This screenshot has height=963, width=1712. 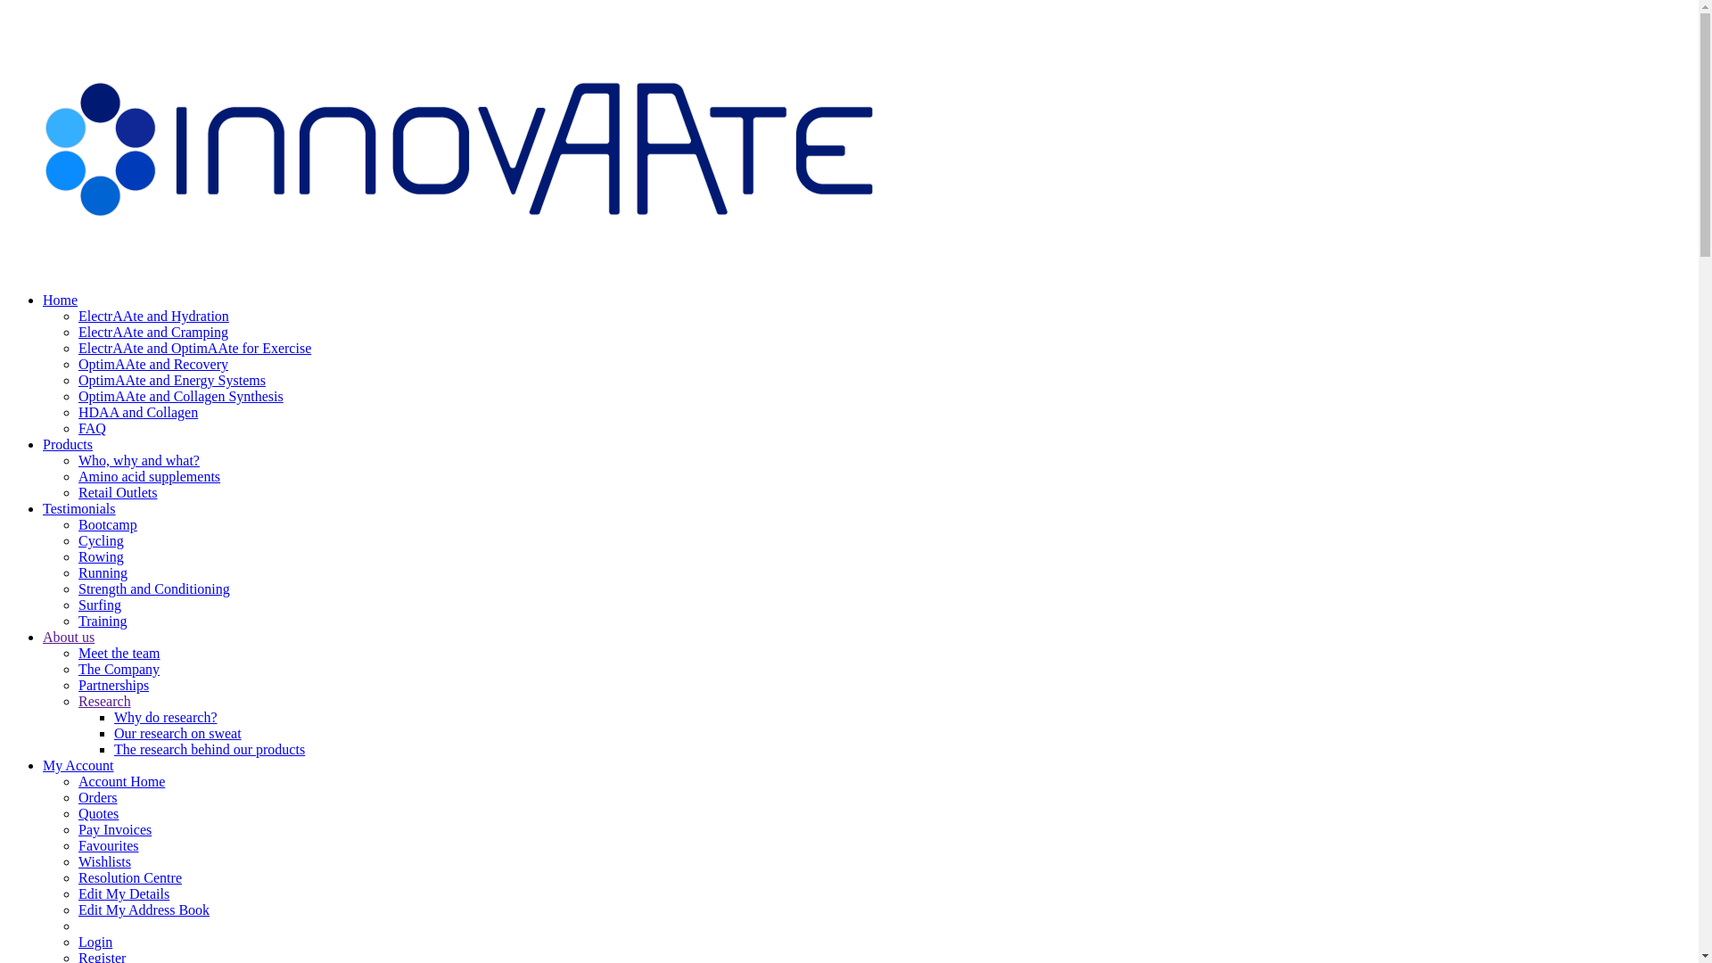 What do you see at coordinates (91, 428) in the screenshot?
I see `'FAQ'` at bounding box center [91, 428].